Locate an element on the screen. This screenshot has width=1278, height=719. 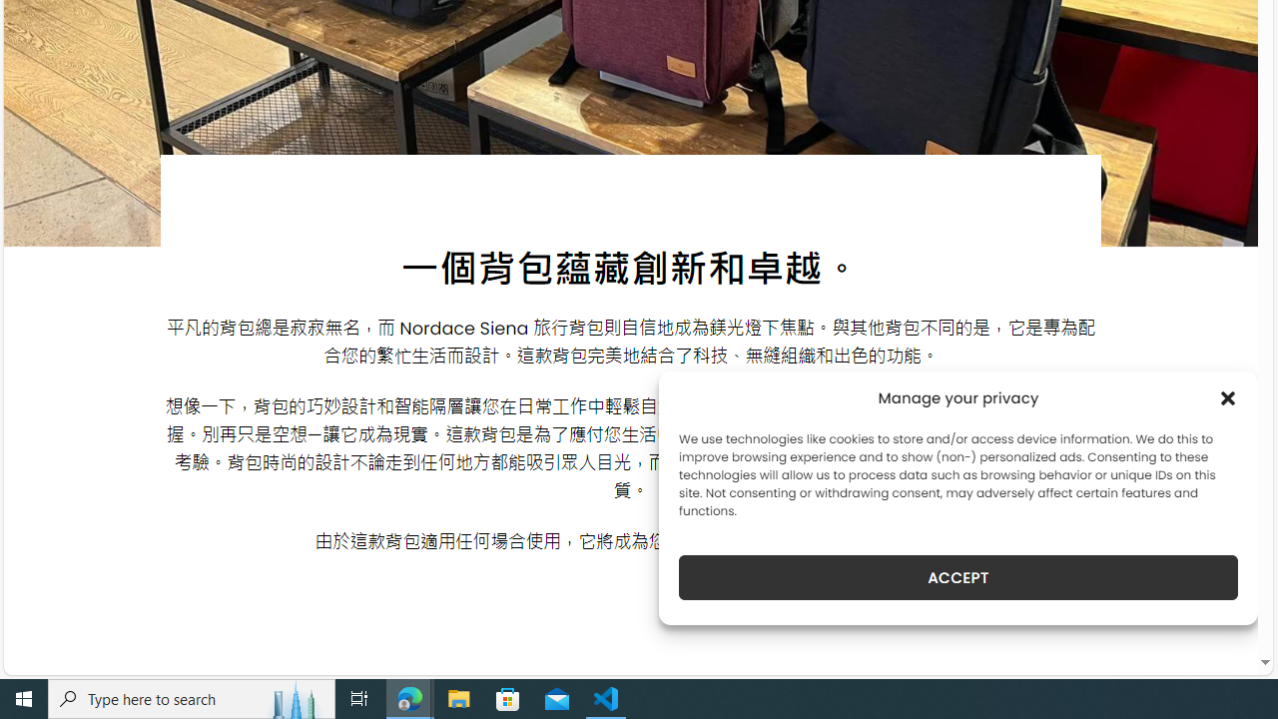
'File Explorer' is located at coordinates (458, 697).